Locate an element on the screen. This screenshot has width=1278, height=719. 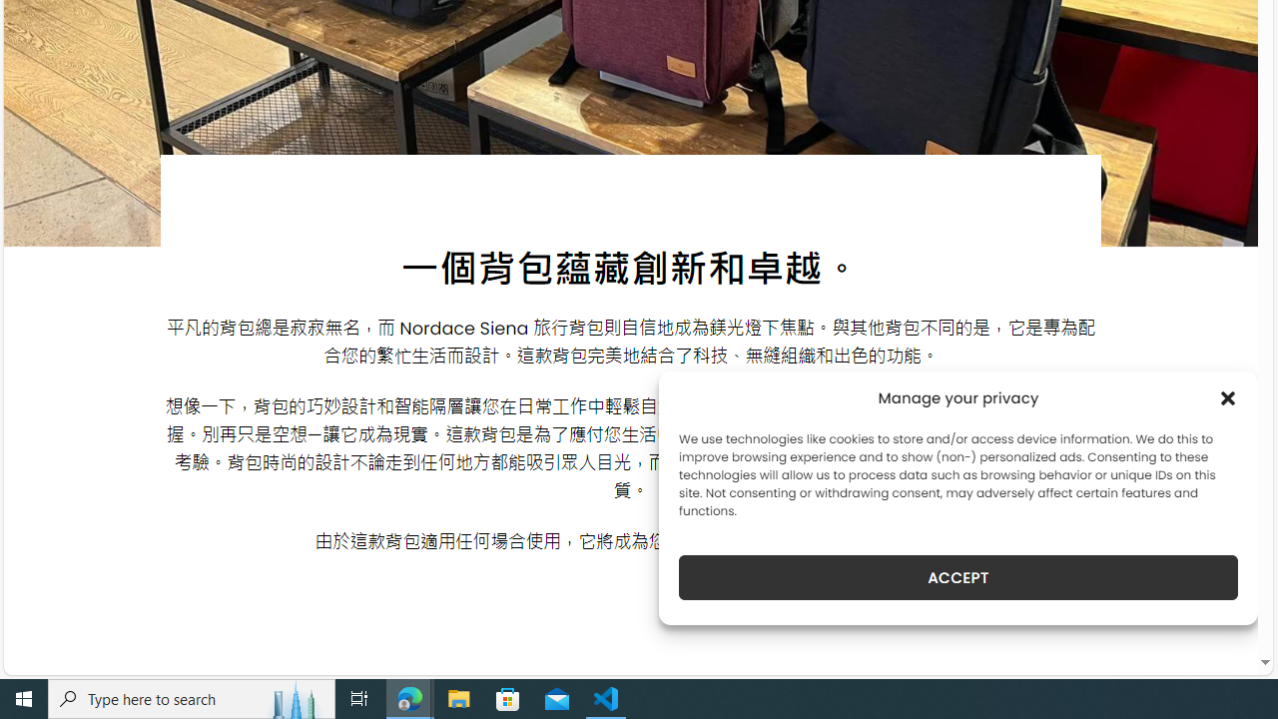
'File Explorer' is located at coordinates (458, 697).